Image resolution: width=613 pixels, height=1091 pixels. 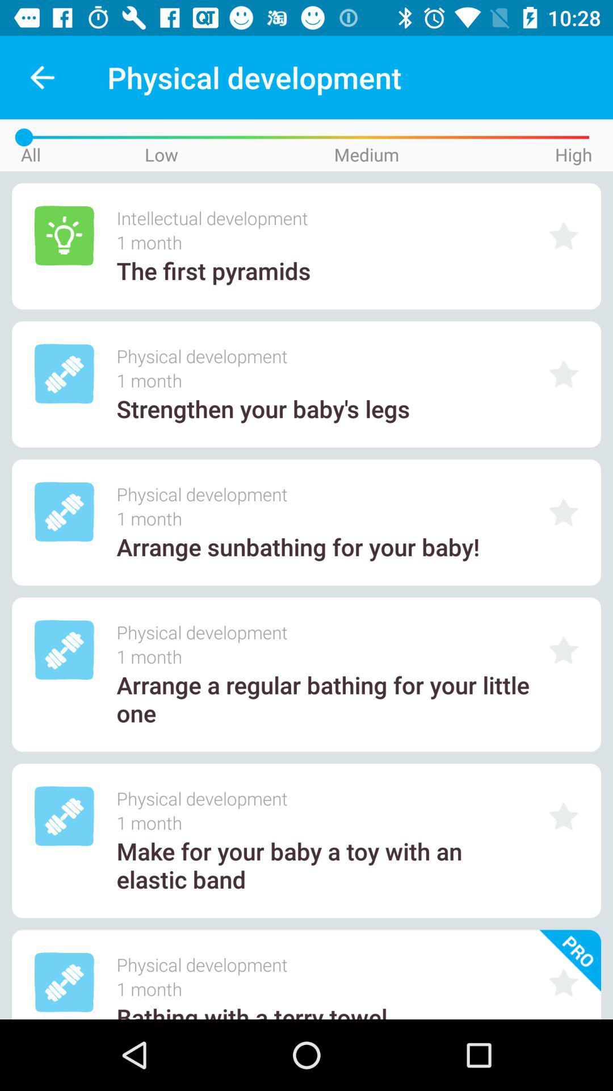 I want to click on to favorites, so click(x=564, y=982).